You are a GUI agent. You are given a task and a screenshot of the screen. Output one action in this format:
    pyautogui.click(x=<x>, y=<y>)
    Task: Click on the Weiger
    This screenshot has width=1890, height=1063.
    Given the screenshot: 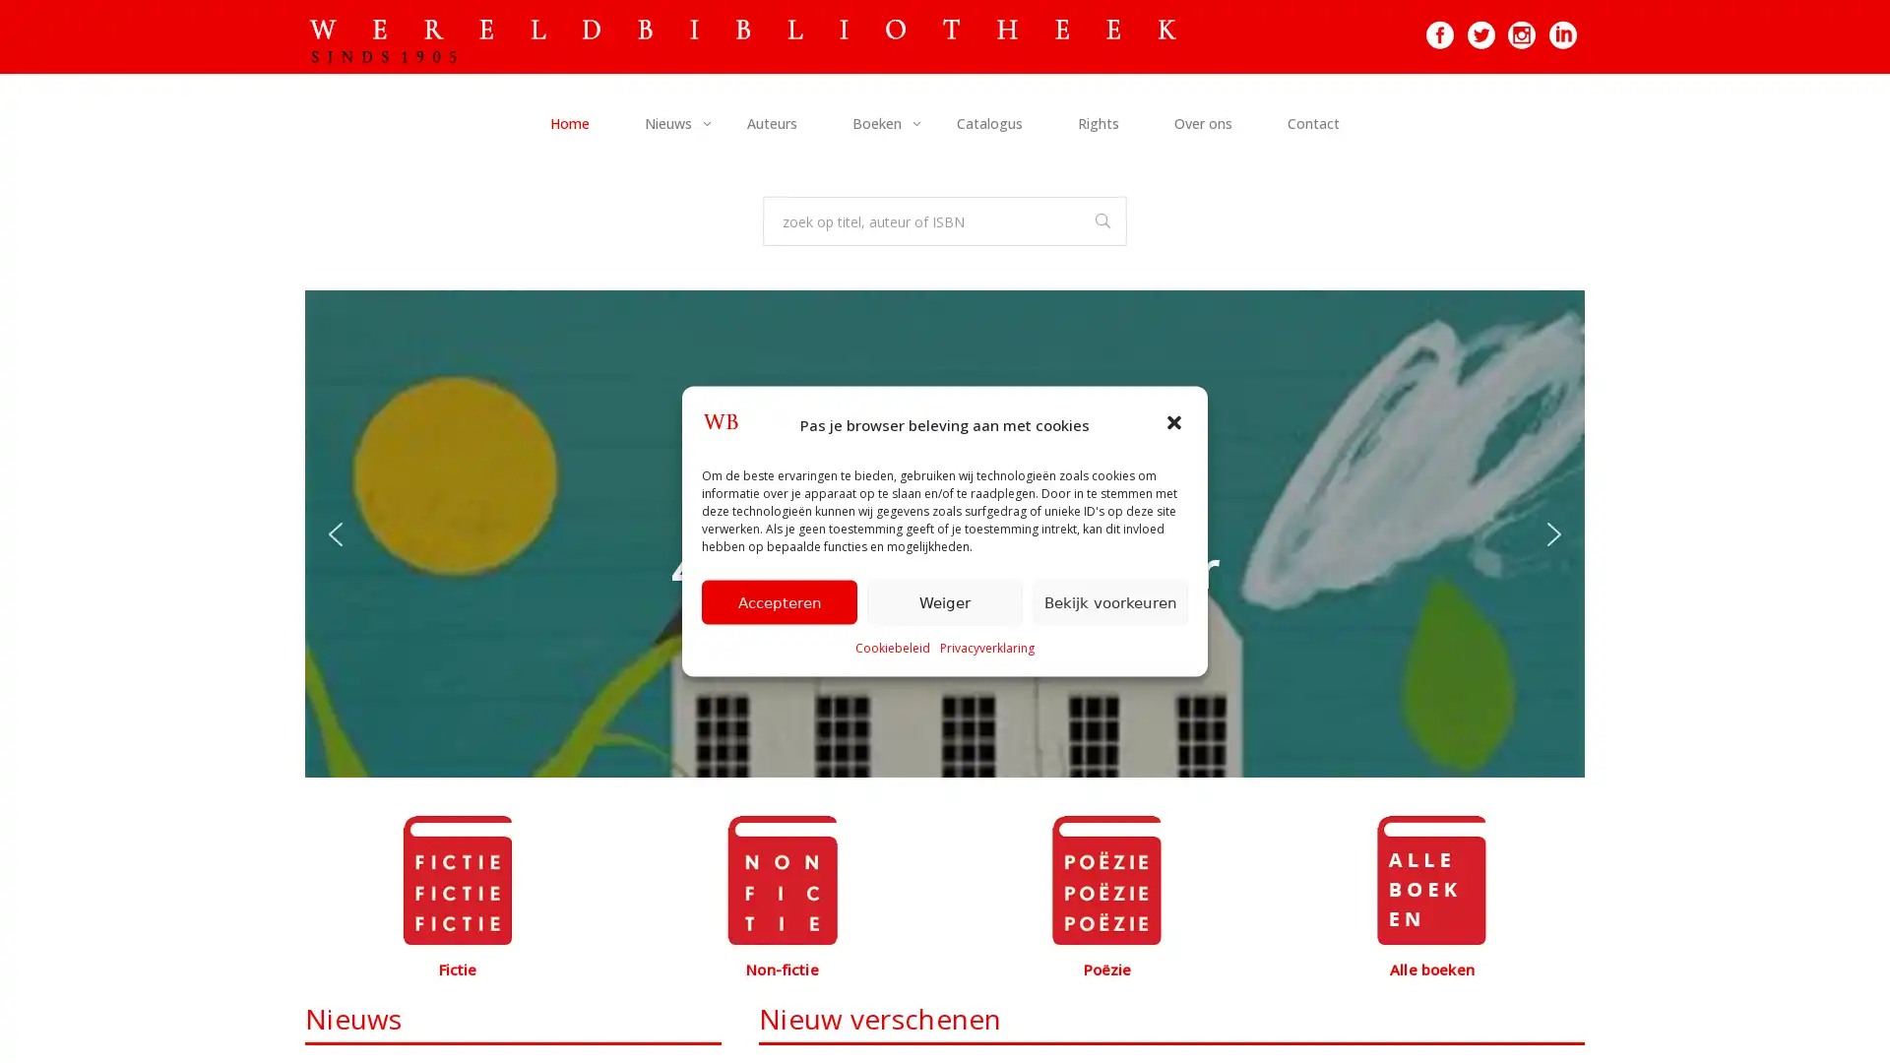 What is the action you would take?
    pyautogui.click(x=945, y=600)
    